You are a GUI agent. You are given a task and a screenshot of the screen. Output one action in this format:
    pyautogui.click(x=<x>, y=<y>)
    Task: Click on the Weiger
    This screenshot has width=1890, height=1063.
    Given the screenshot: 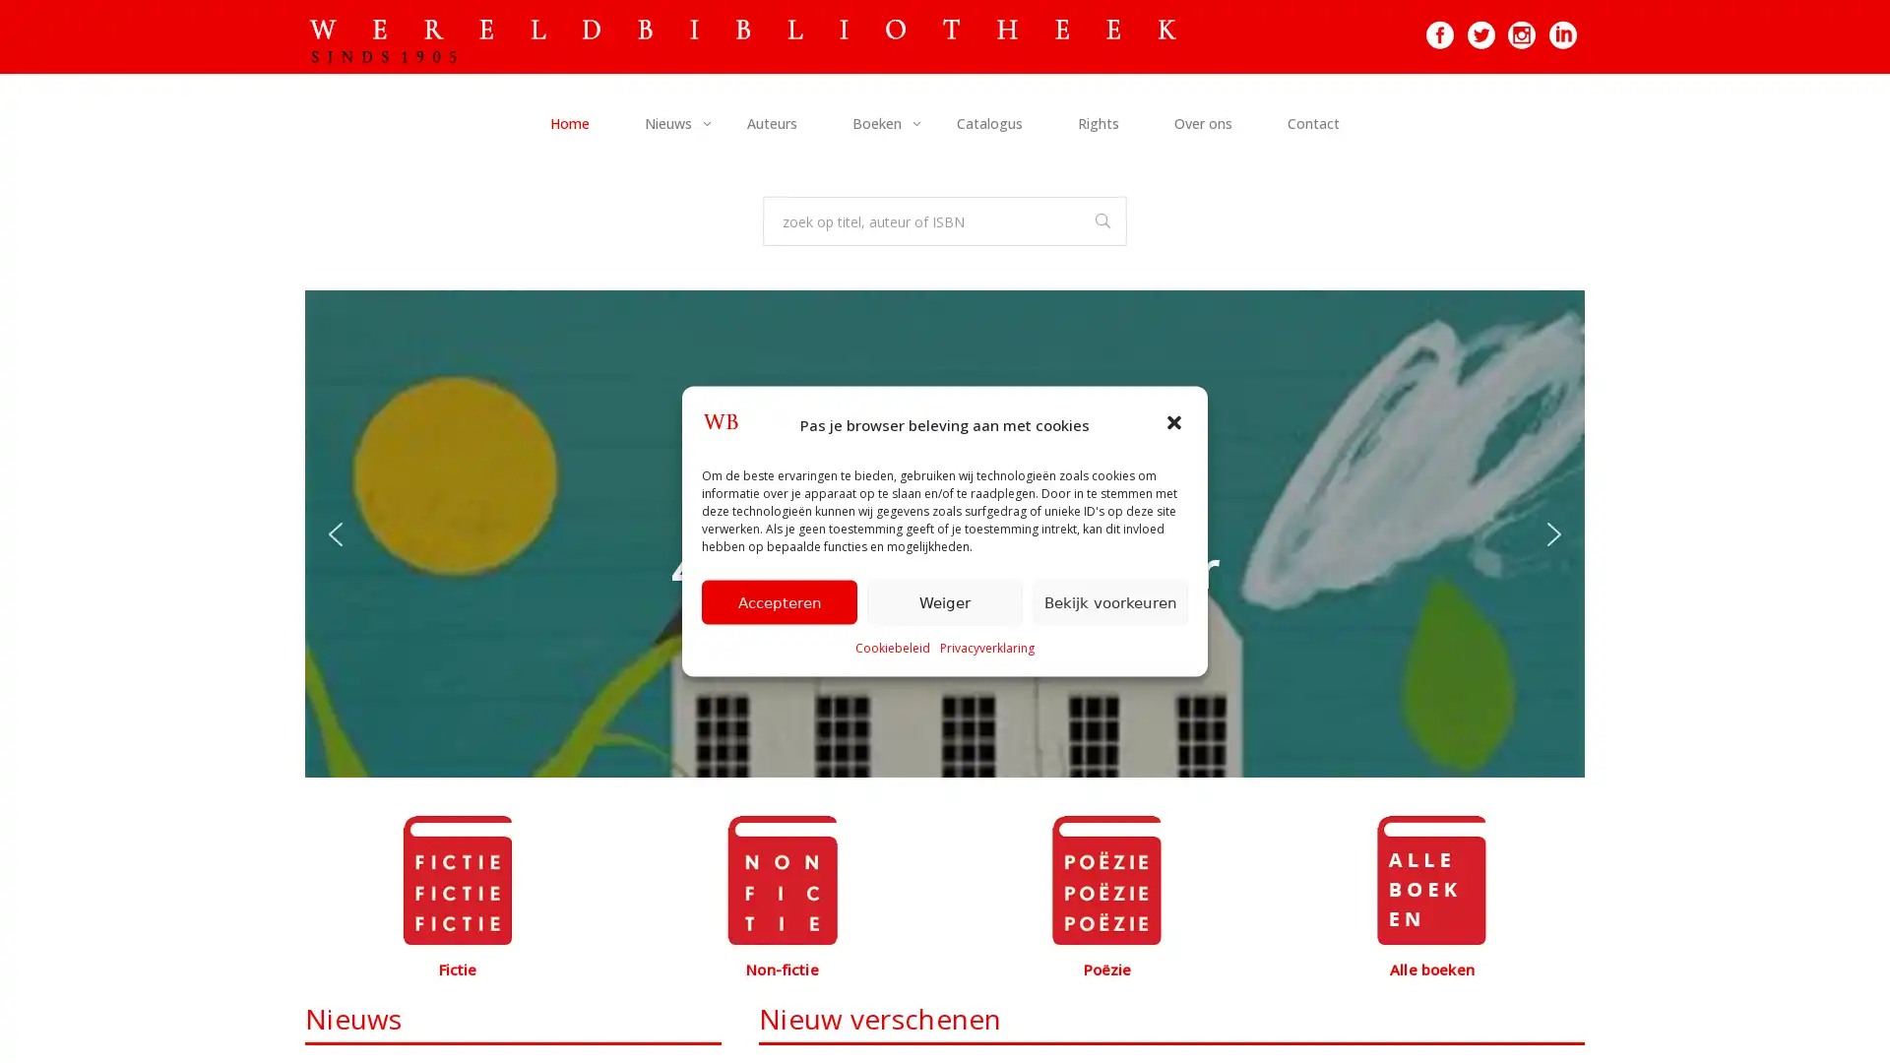 What is the action you would take?
    pyautogui.click(x=945, y=600)
    